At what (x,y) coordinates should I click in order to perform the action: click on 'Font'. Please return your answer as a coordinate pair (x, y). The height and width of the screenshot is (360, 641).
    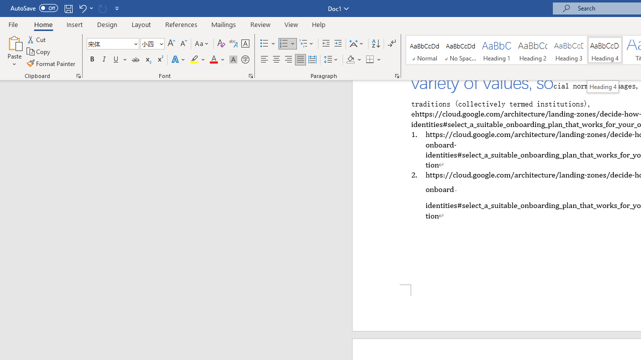
    Looking at the image, I should click on (113, 43).